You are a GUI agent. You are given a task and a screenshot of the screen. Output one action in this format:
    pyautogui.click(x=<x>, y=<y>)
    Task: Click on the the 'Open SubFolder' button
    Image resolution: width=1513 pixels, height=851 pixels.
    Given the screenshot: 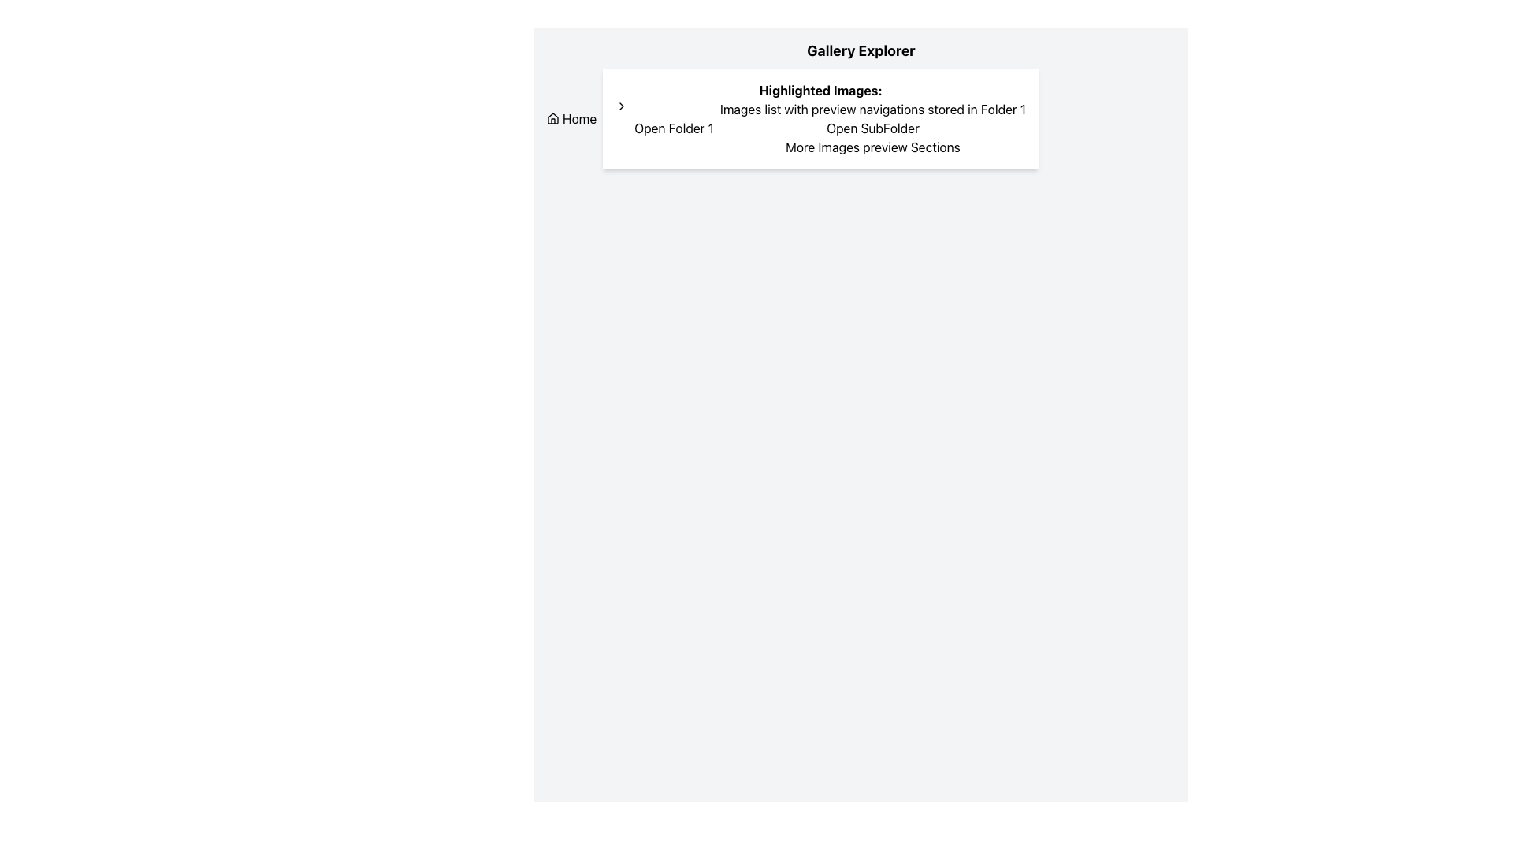 What is the action you would take?
    pyautogui.click(x=872, y=127)
    